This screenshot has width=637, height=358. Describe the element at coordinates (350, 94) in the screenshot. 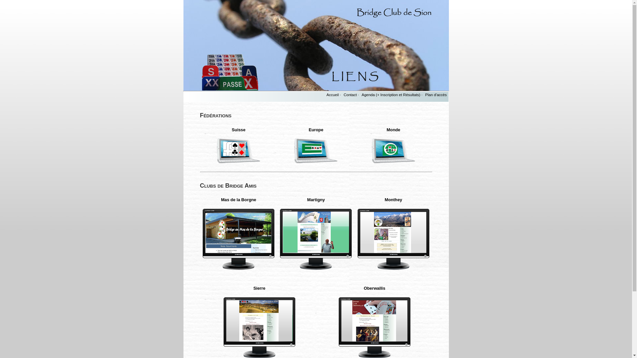

I see `'Contact'` at that location.